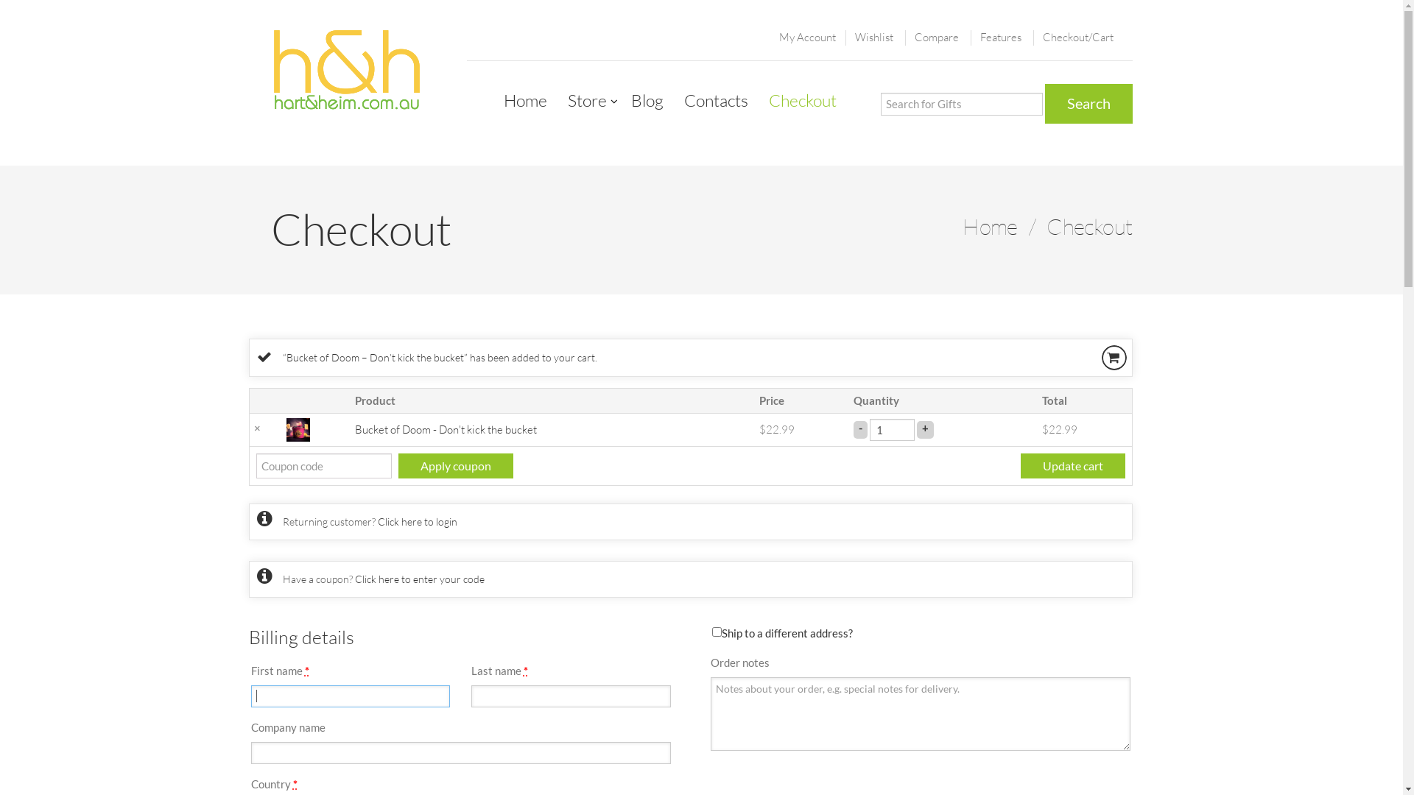  I want to click on '+', so click(924, 428).